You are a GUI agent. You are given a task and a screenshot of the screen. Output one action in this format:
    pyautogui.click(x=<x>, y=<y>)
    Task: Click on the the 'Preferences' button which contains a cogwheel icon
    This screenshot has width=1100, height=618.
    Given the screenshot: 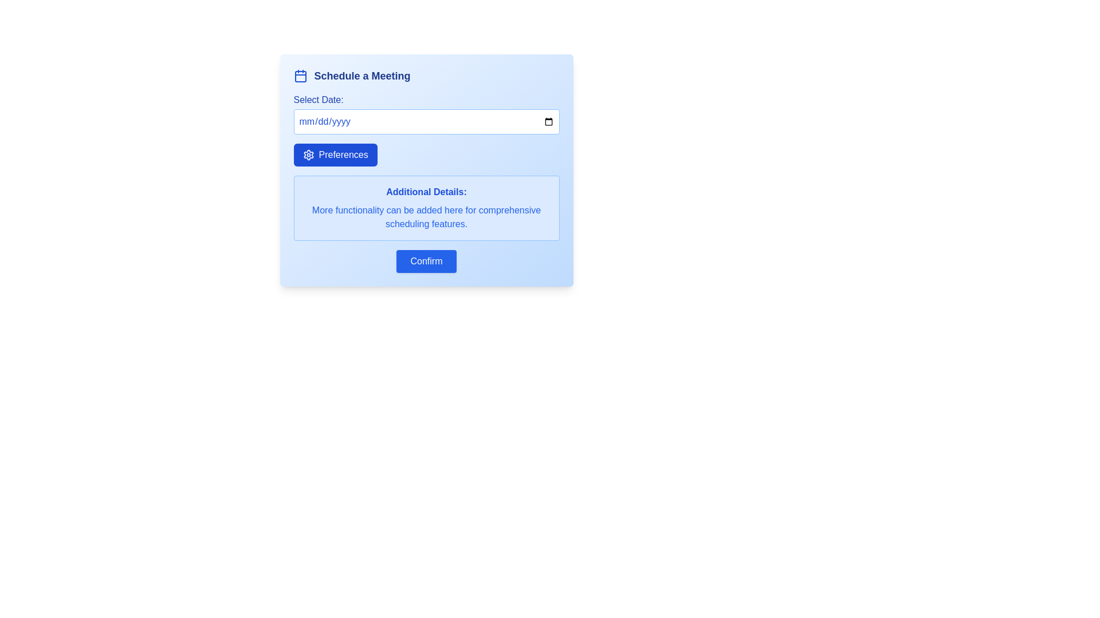 What is the action you would take?
    pyautogui.click(x=308, y=154)
    